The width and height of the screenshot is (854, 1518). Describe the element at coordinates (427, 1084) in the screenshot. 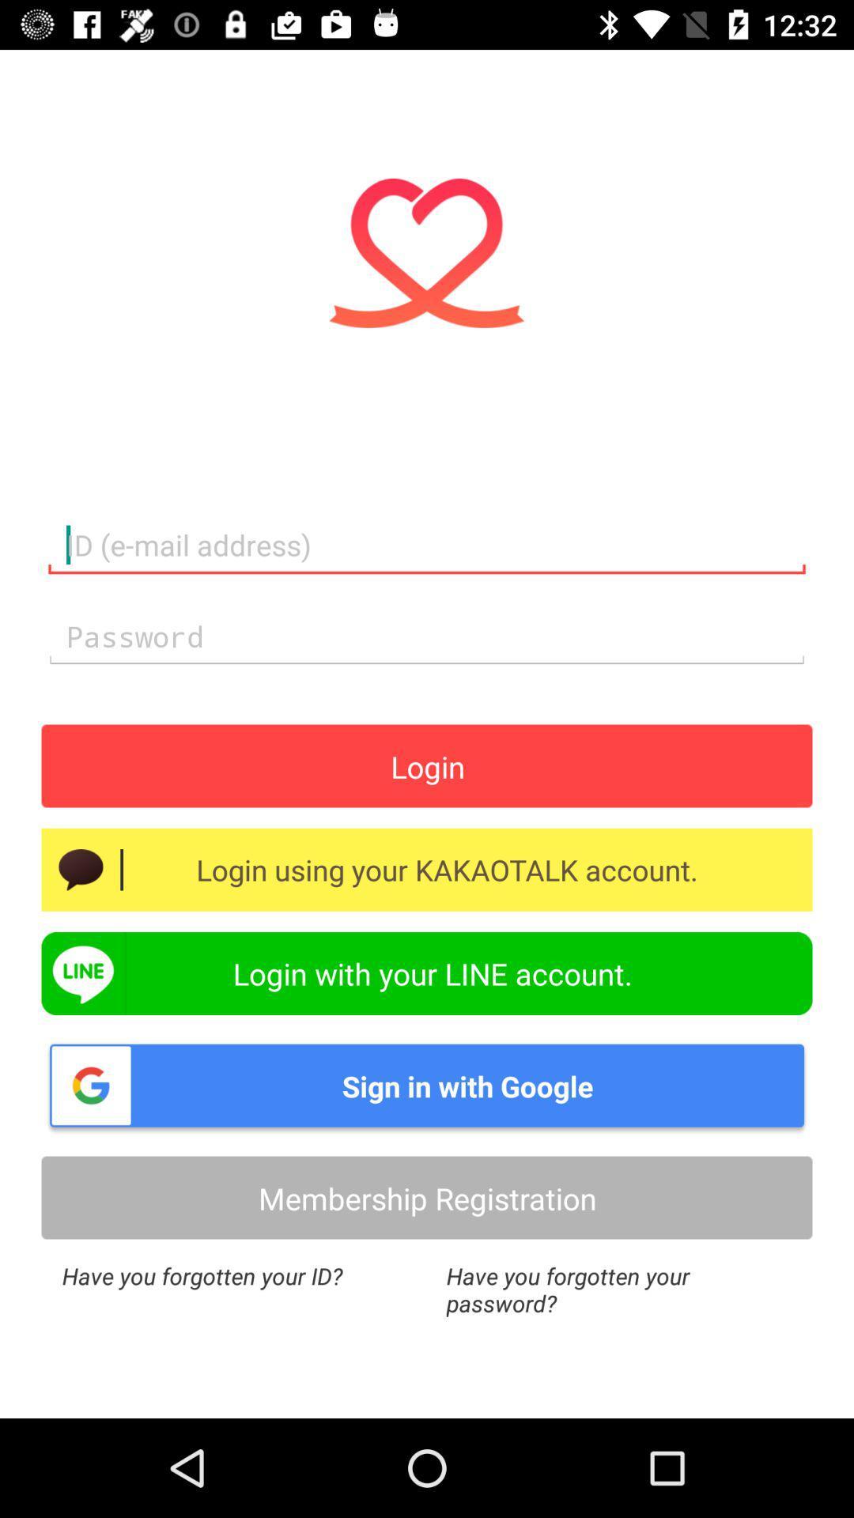

I see `the google sign in field above membership registration` at that location.